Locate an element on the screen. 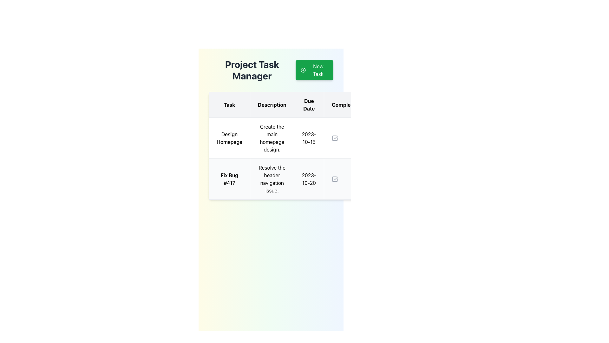 This screenshot has width=609, height=343. the checkbox in the 'Complete' column associated with the 'Design Homepage' task is located at coordinates (335, 138).